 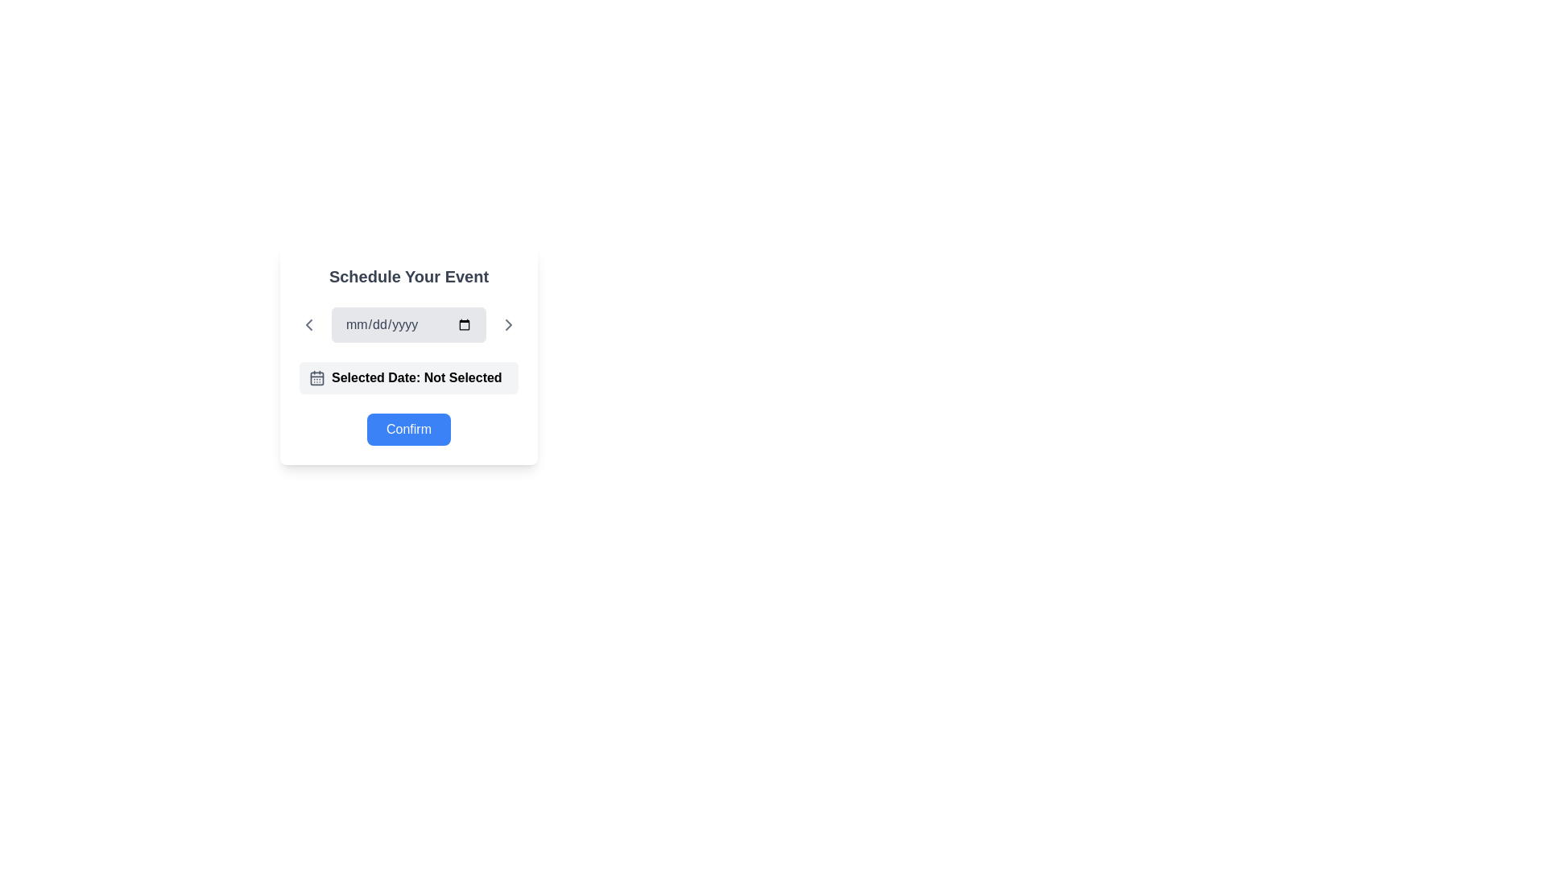 I want to click on the Text Display Field that displays the selected date, currently indicating no date has been chosen, located below the date picker and above the 'Confirm' button in the center modal, so click(x=409, y=378).